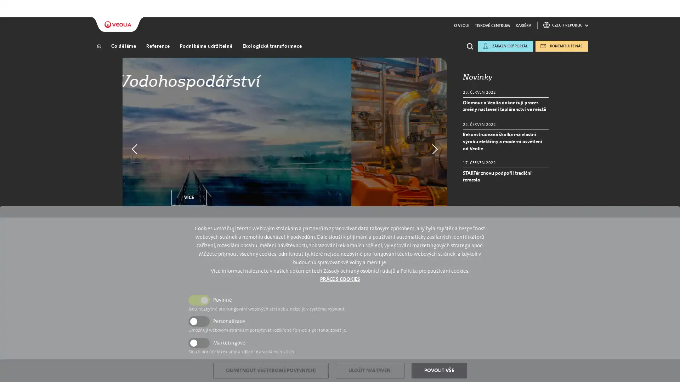 The width and height of the screenshot is (680, 382). Describe the element at coordinates (472, 72) in the screenshot. I see `ok` at that location.